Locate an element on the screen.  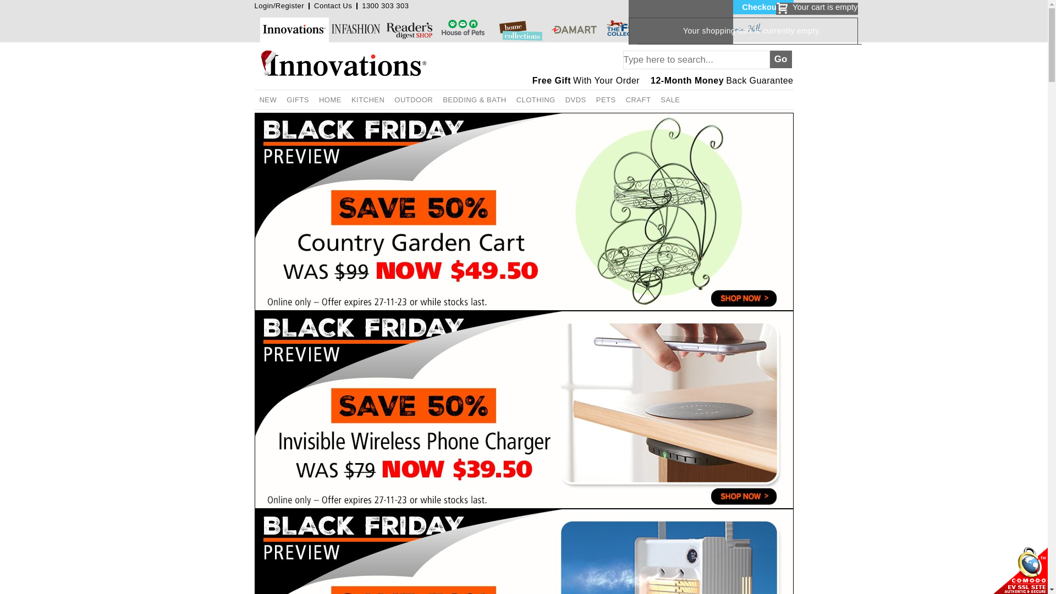
'Go' is located at coordinates (780, 59).